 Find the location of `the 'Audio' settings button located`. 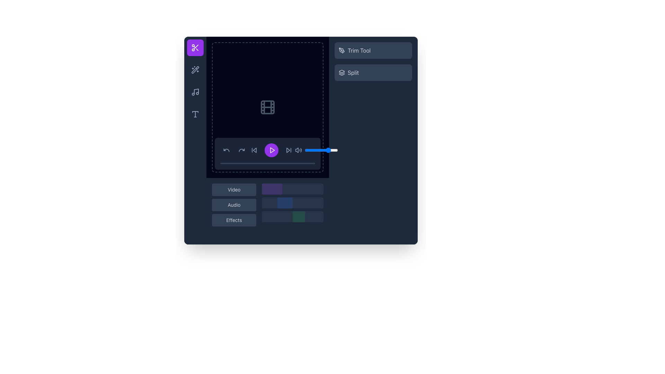

the 'Audio' settings button located is located at coordinates (234, 204).